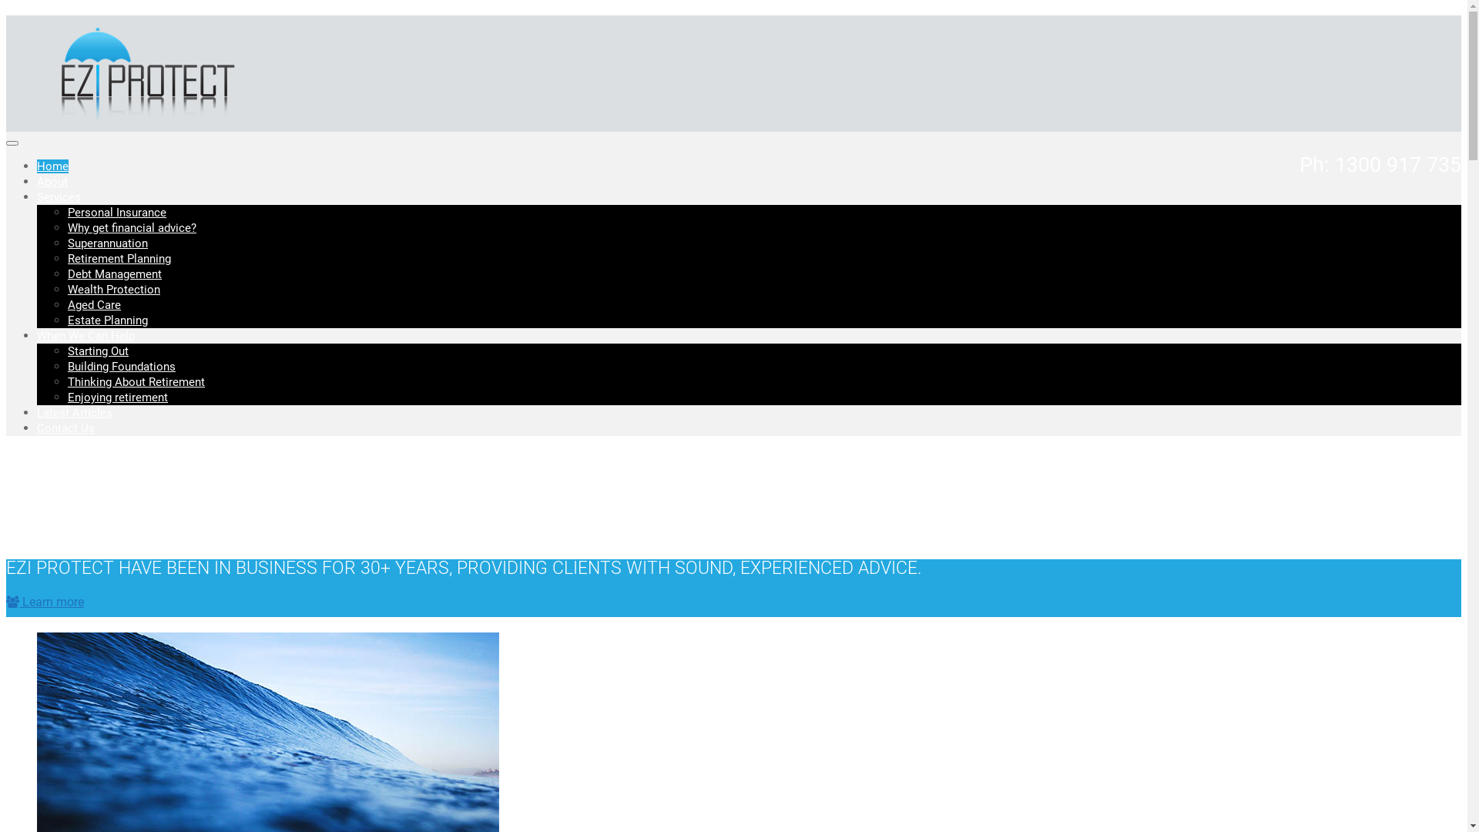 The image size is (1479, 832). I want to click on 'Contact Us', so click(37, 428).